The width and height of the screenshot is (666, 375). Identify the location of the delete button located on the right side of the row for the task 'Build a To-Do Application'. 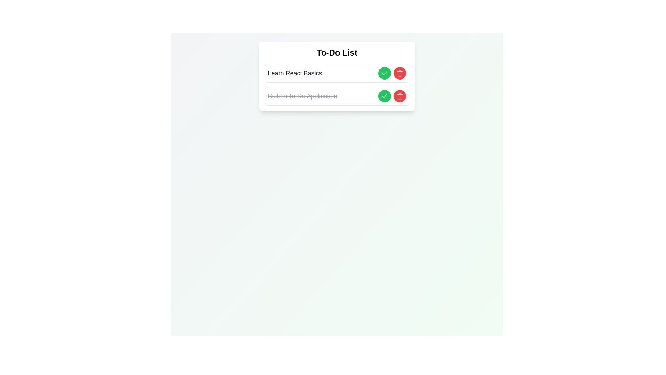
(400, 96).